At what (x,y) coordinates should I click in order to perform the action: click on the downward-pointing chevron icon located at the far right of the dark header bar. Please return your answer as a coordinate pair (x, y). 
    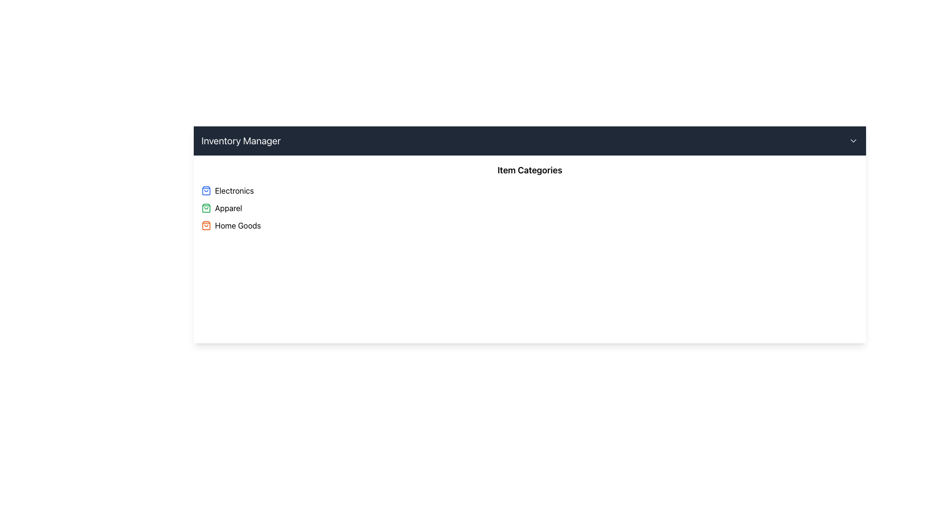
    Looking at the image, I should click on (853, 140).